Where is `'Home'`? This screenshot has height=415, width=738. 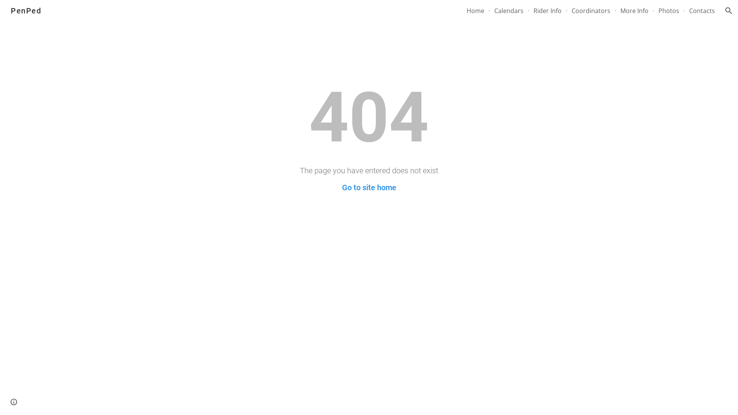
'Home' is located at coordinates (475, 10).